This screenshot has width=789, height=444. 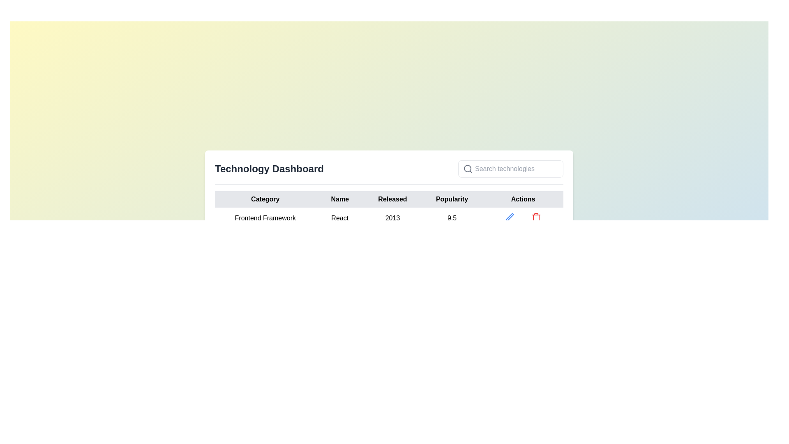 What do you see at coordinates (451, 217) in the screenshot?
I see `the static text label displaying the popularity score '9.5' for 'React' located in the fourth column under the 'Popularity' header in a table-like grid` at bounding box center [451, 217].